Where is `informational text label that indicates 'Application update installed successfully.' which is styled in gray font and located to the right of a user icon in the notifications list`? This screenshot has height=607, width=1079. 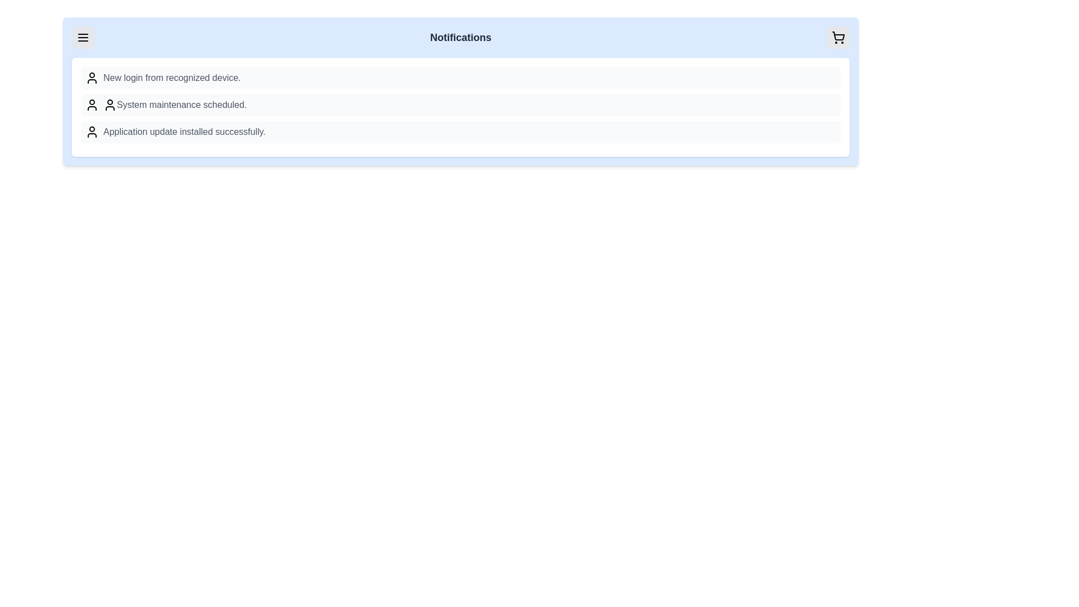 informational text label that indicates 'Application update installed successfully.' which is styled in gray font and located to the right of a user icon in the notifications list is located at coordinates (184, 132).